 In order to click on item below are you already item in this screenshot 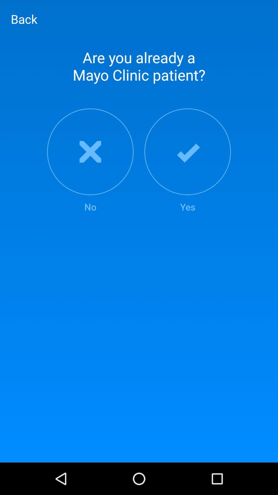, I will do `click(188, 161)`.